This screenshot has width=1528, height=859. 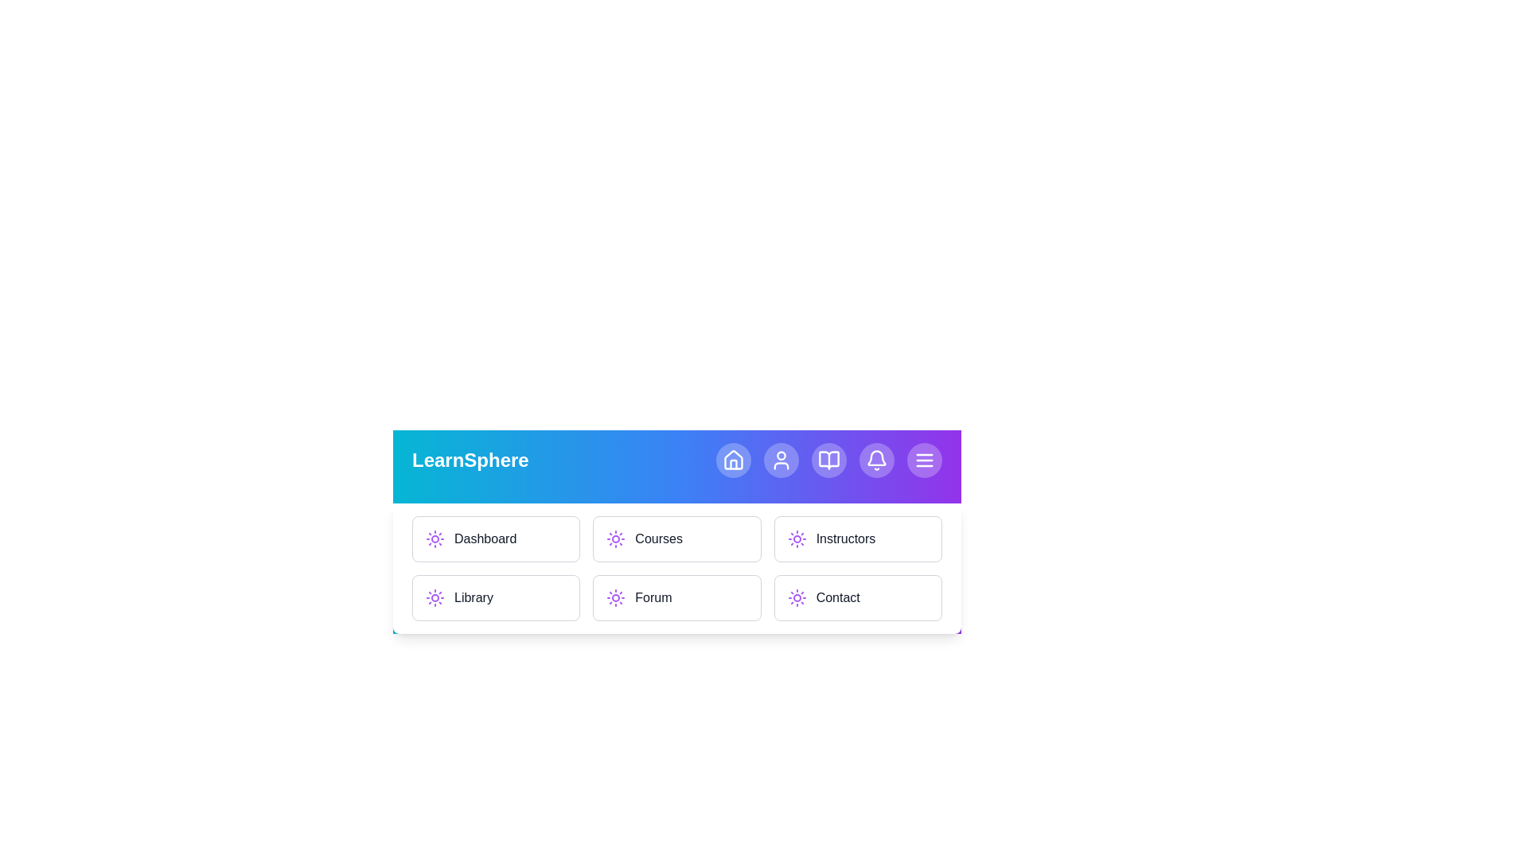 What do you see at coordinates (828, 460) in the screenshot?
I see `the BookOpen navigation icon` at bounding box center [828, 460].